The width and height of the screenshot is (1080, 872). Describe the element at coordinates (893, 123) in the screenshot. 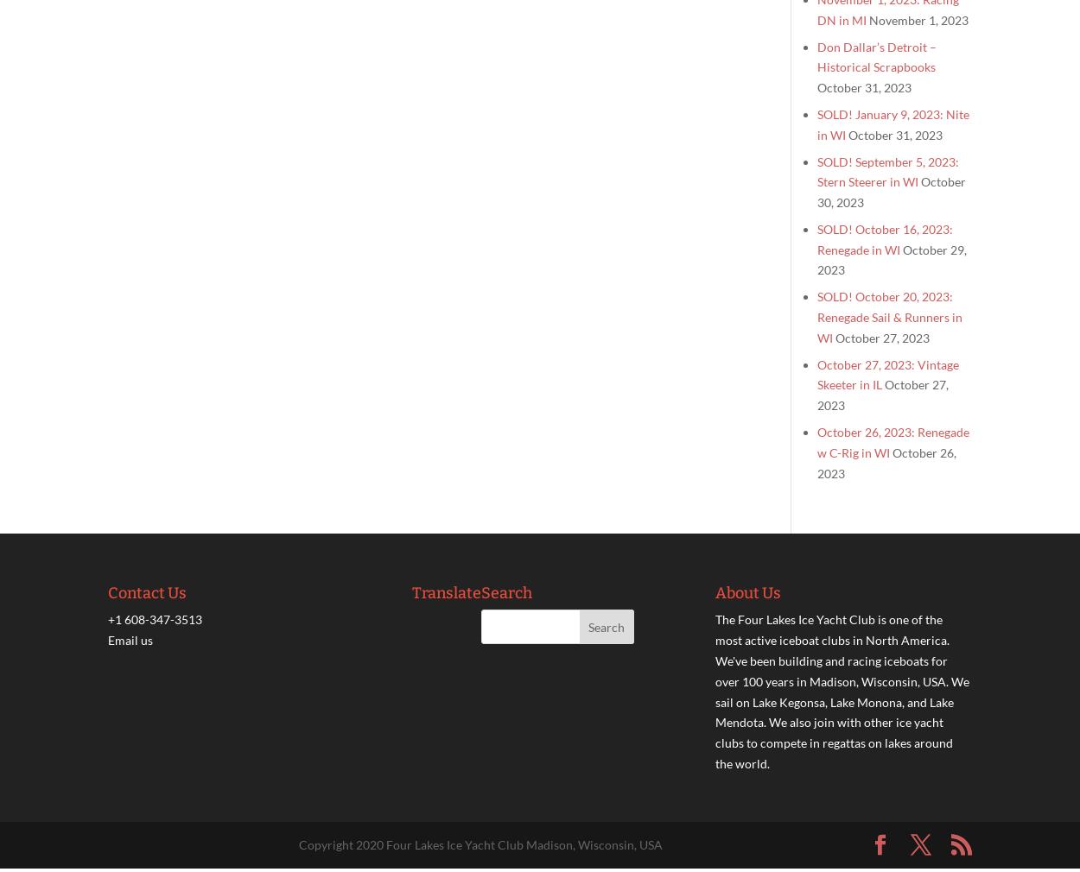

I see `'SOLD! January 9, 2023: Nite in WI'` at that location.